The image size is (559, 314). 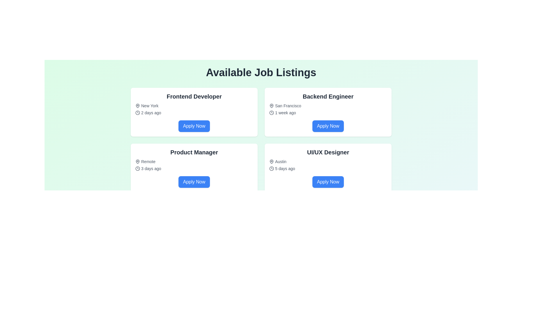 I want to click on the circular icon boundary resembling a clock frame, so click(x=137, y=113).